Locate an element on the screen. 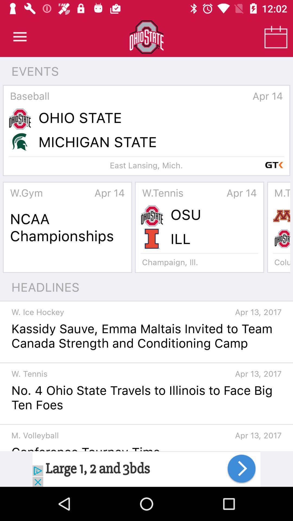 This screenshot has width=293, height=521. advertisement is located at coordinates (146, 469).